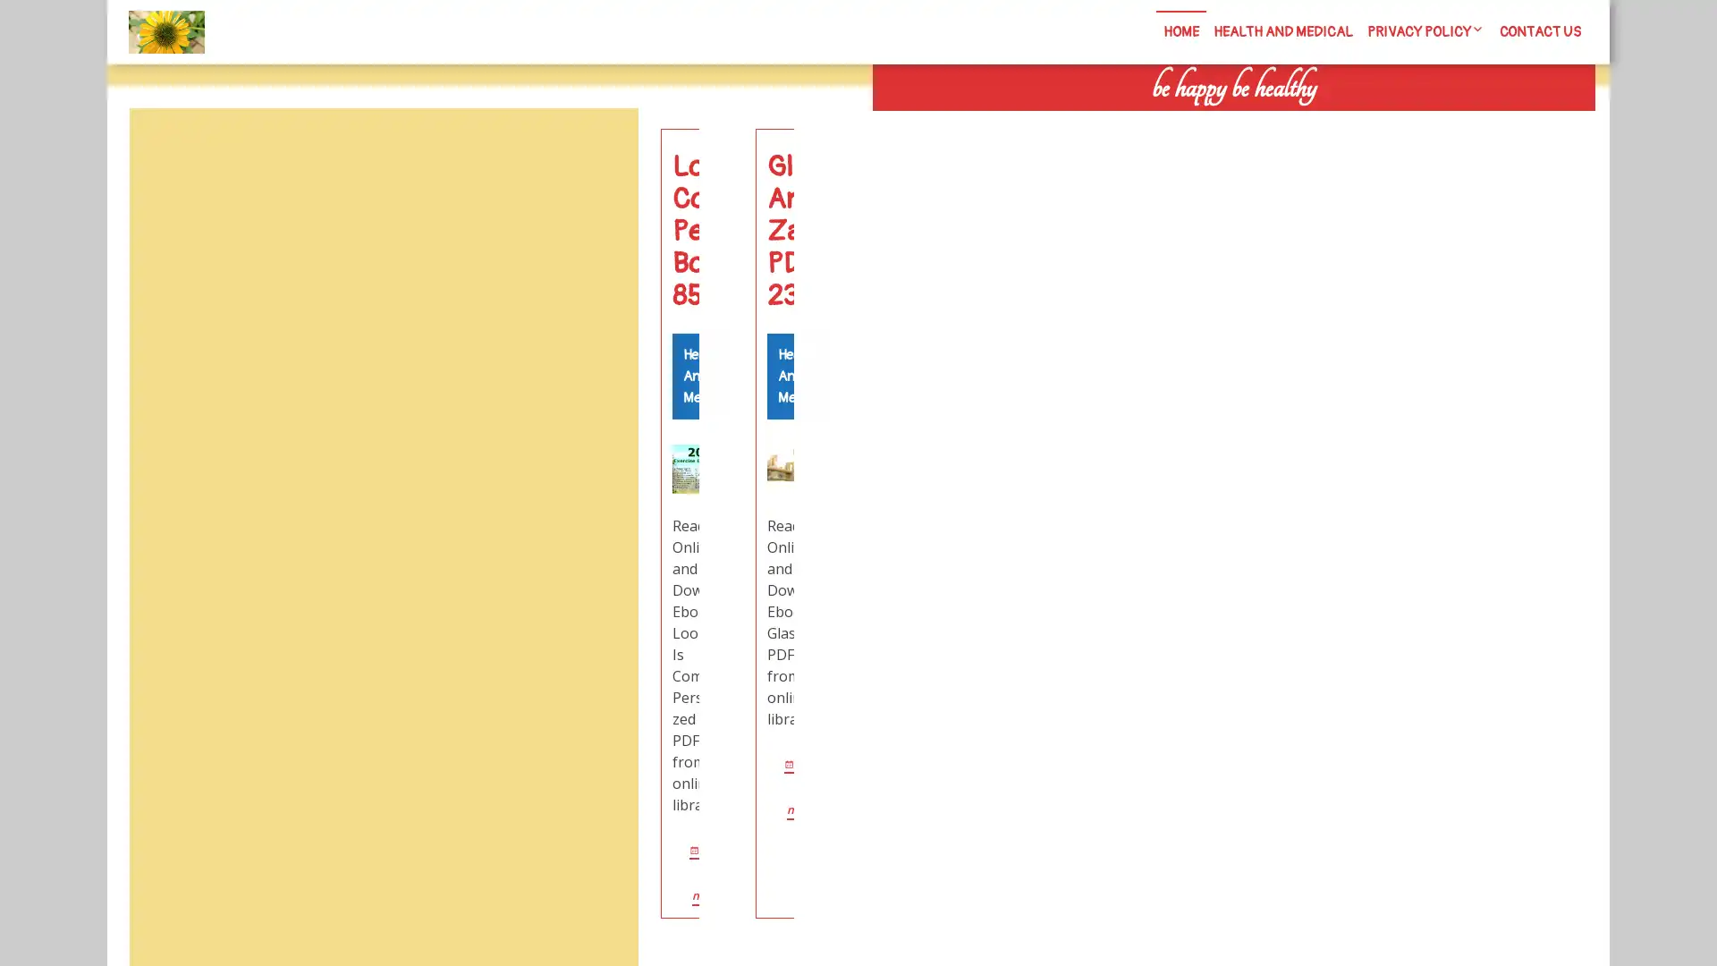 The width and height of the screenshot is (1717, 966). What do you see at coordinates (1392, 125) in the screenshot?
I see `Search` at bounding box center [1392, 125].